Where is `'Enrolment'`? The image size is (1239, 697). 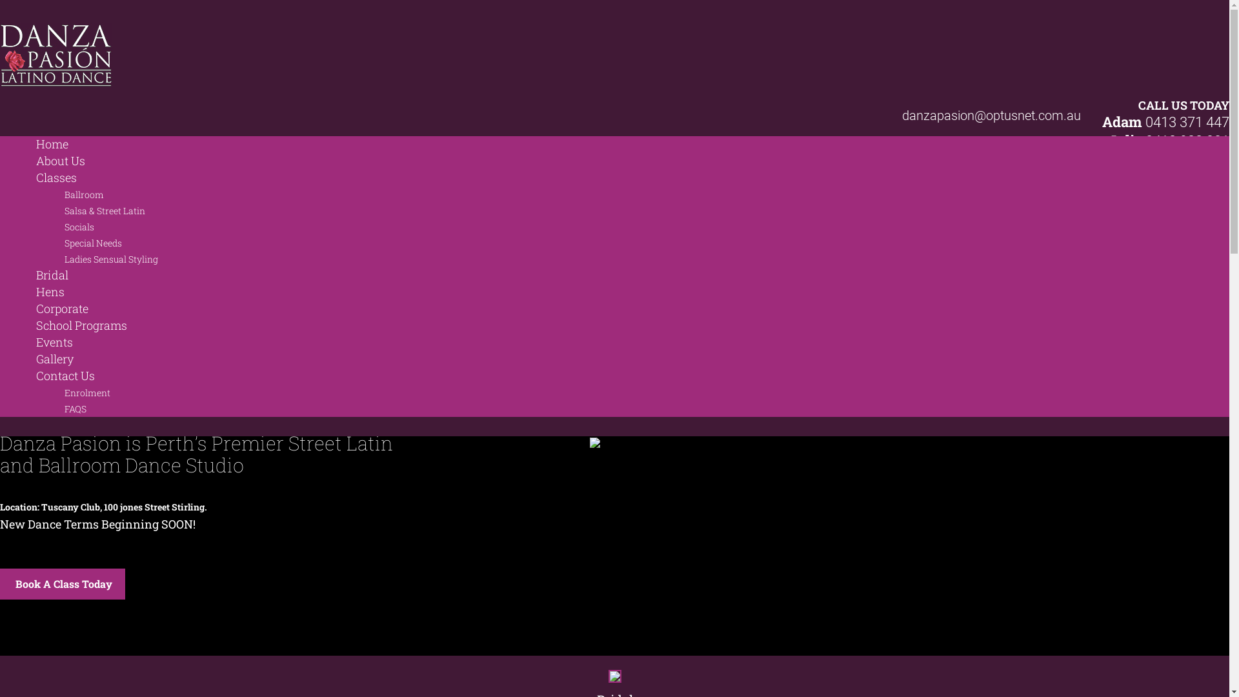 'Enrolment' is located at coordinates (52, 392).